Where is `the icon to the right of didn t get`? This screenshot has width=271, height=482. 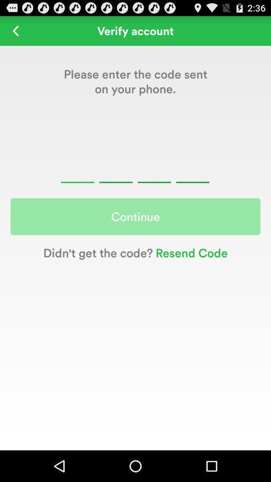 the icon to the right of didn t get is located at coordinates (190, 252).